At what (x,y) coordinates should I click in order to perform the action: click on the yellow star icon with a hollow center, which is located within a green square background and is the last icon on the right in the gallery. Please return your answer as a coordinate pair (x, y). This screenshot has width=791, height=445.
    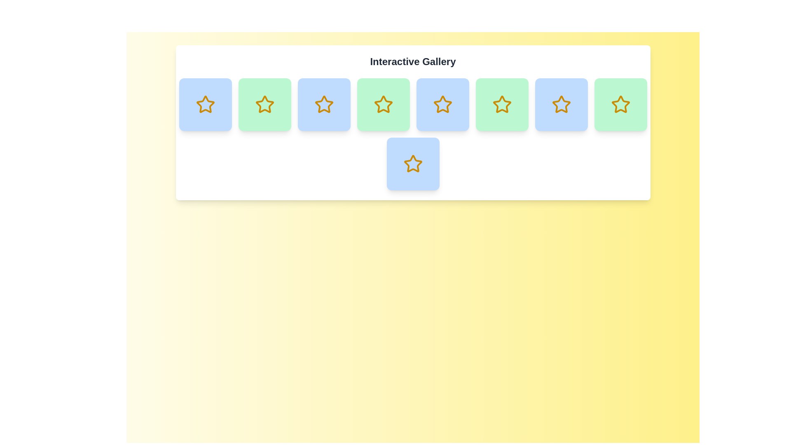
    Looking at the image, I should click on (620, 104).